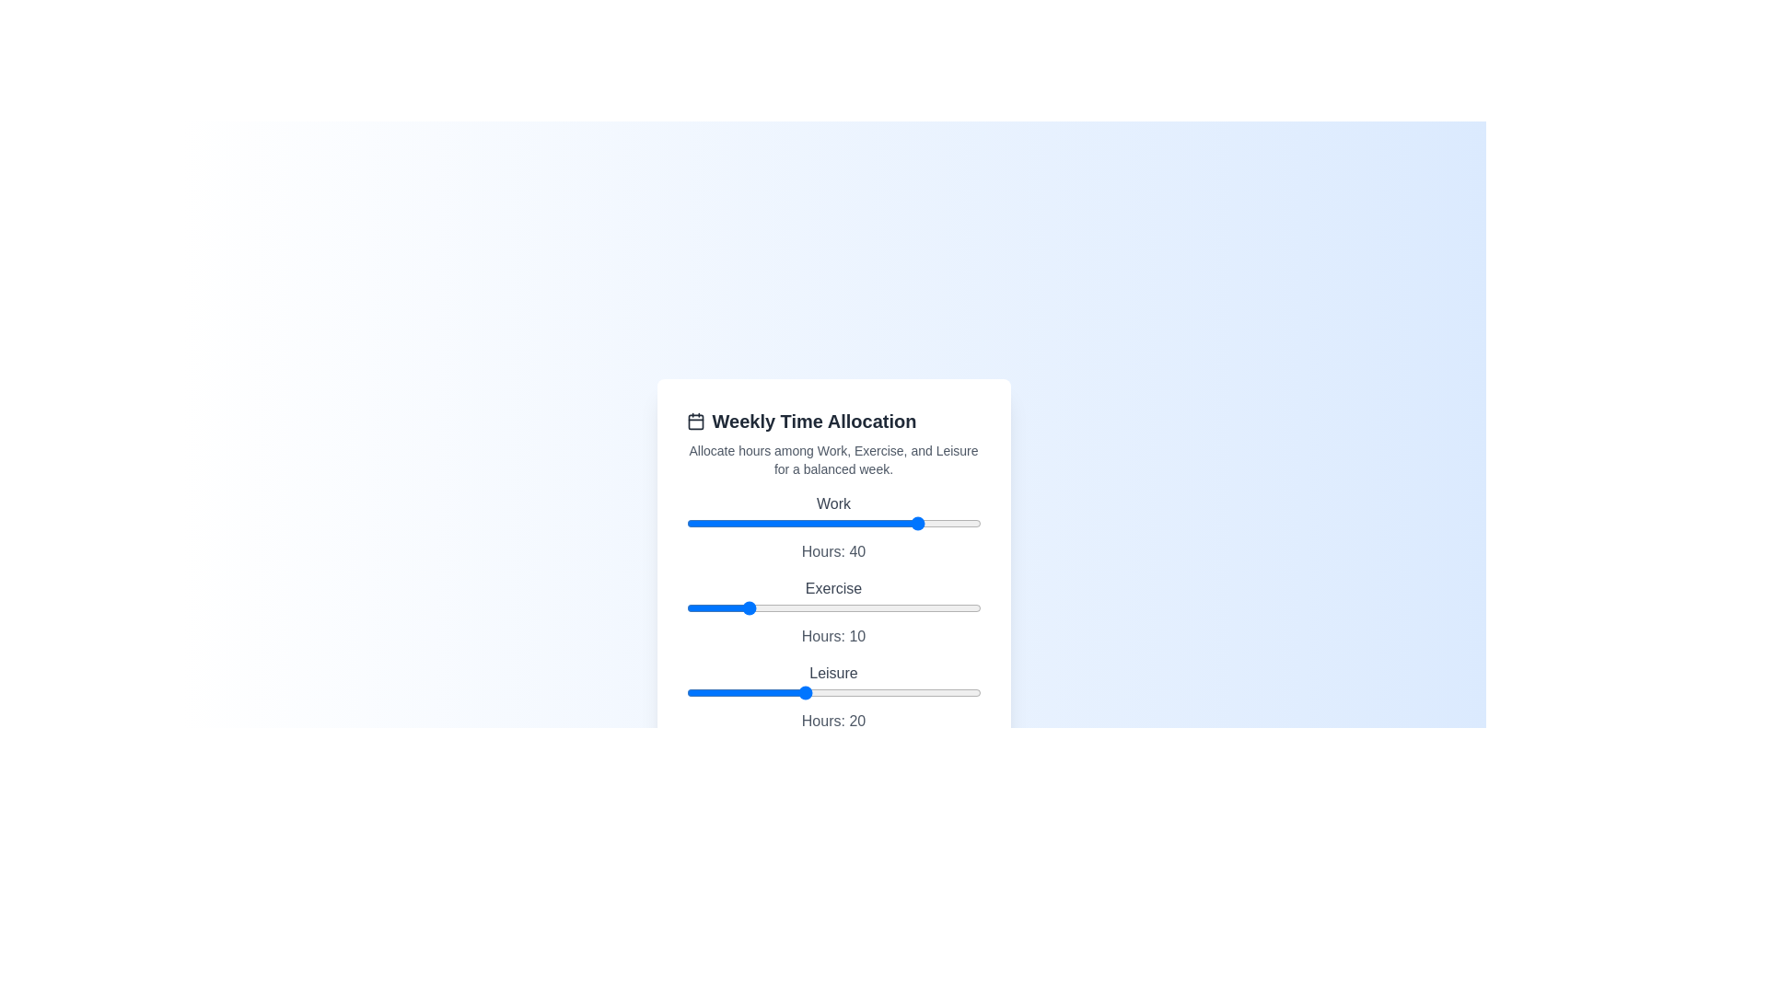  What do you see at coordinates (934, 607) in the screenshot?
I see `the 'Exercise' slider to 42 hours` at bounding box center [934, 607].